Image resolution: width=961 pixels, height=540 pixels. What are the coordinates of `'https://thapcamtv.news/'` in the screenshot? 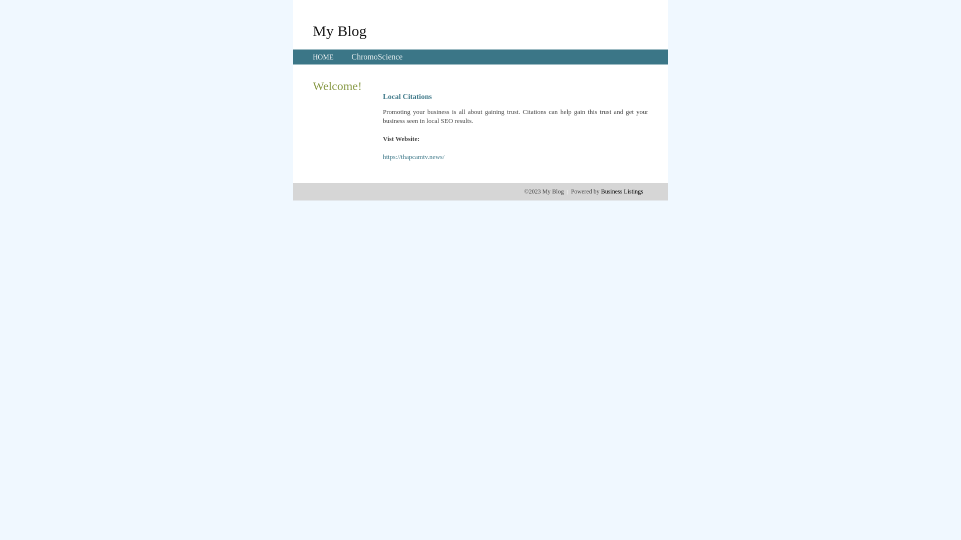 It's located at (413, 156).